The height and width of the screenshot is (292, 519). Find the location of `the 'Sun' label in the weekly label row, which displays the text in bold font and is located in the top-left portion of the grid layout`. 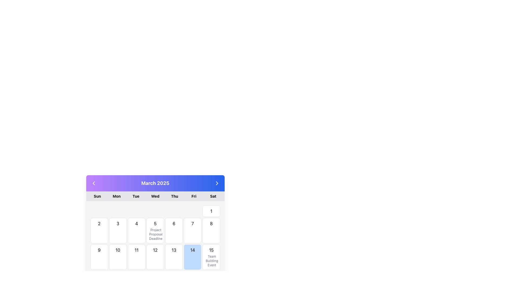

the 'Sun' label in the weekly label row, which displays the text in bold font and is located in the top-left portion of the grid layout is located at coordinates (97, 196).